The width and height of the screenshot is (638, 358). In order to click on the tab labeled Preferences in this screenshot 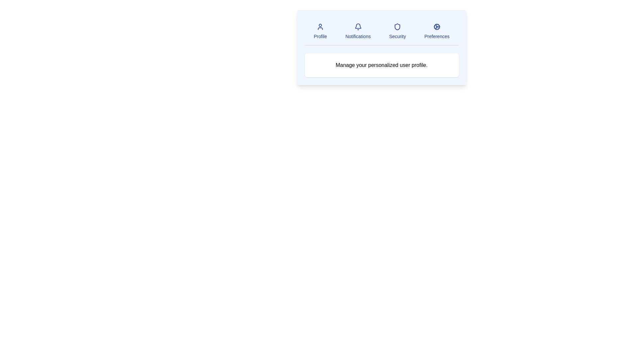, I will do `click(437, 31)`.